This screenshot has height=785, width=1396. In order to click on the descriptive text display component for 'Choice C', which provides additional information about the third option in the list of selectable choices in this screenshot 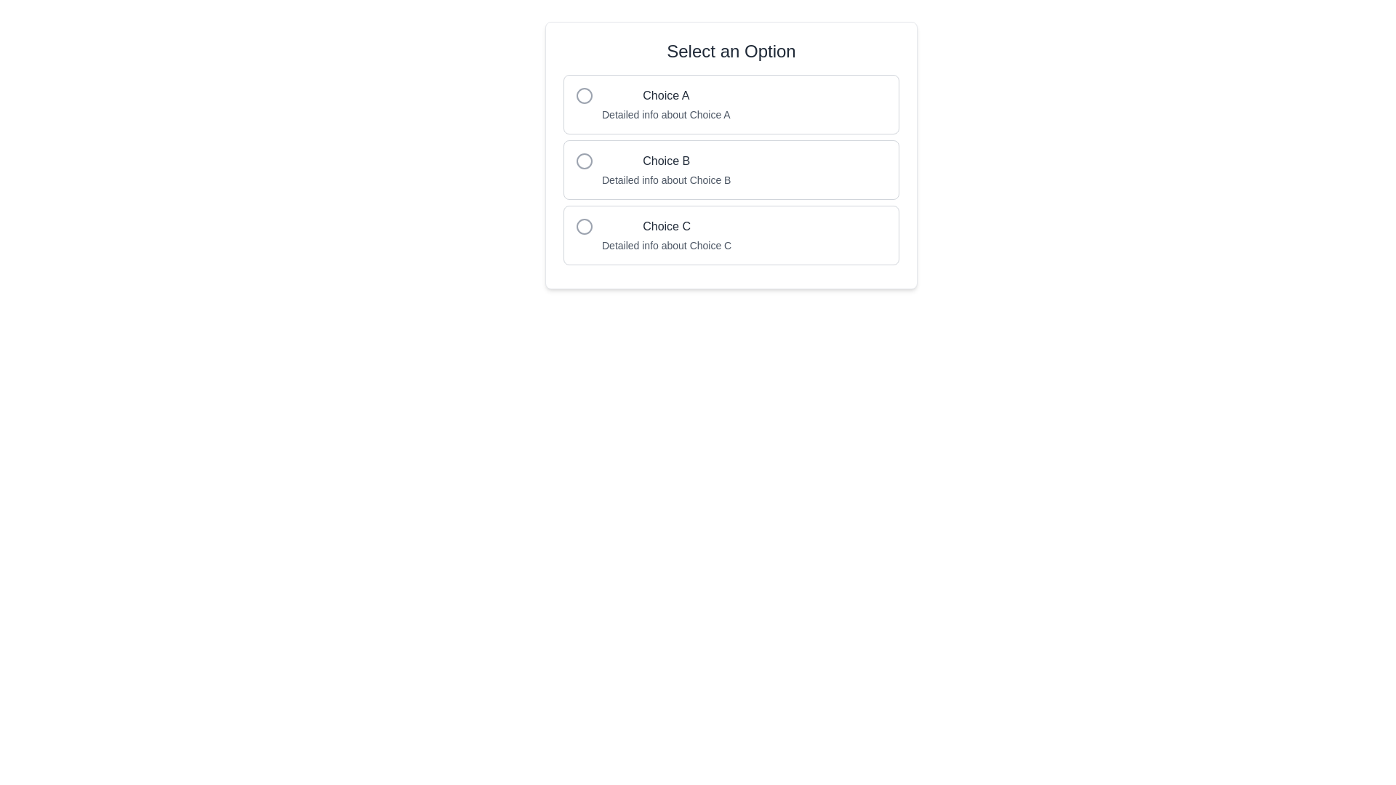, I will do `click(666, 235)`.